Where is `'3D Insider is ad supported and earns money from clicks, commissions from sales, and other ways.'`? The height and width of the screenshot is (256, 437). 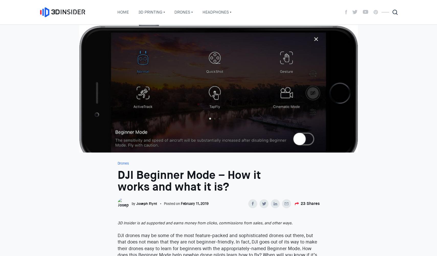
'3D Insider is ad supported and earns money from clicks, commissions from sales, and other ways.' is located at coordinates (205, 223).